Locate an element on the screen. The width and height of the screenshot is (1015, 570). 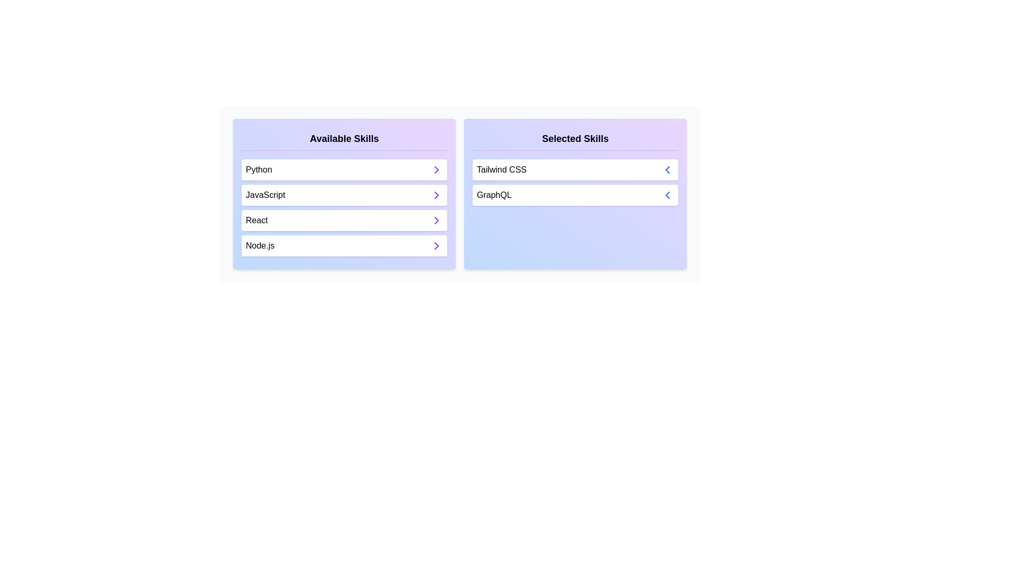
button next to the skill GraphQL in the 'Selected Skills' list to move it to the 'Available Skills' list is located at coordinates (667, 195).